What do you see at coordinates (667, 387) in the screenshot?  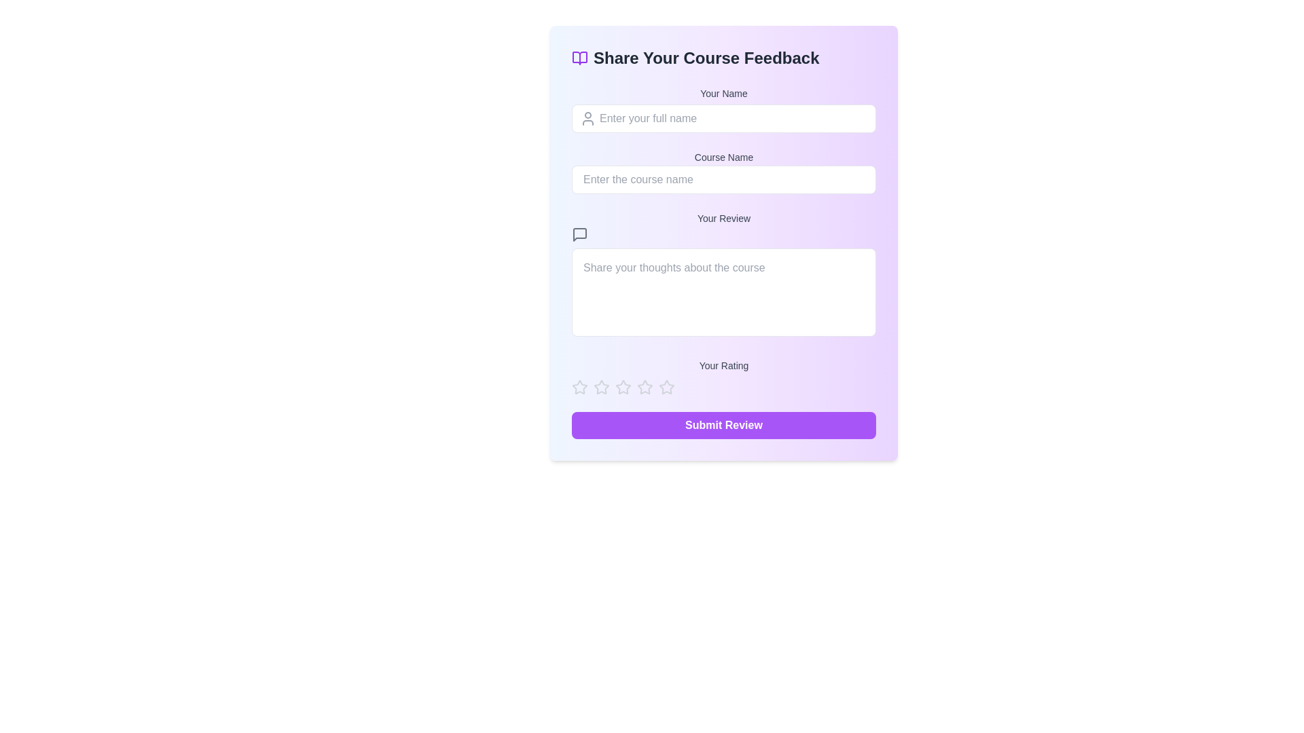 I see `the fourth star in the five-star rating system` at bounding box center [667, 387].